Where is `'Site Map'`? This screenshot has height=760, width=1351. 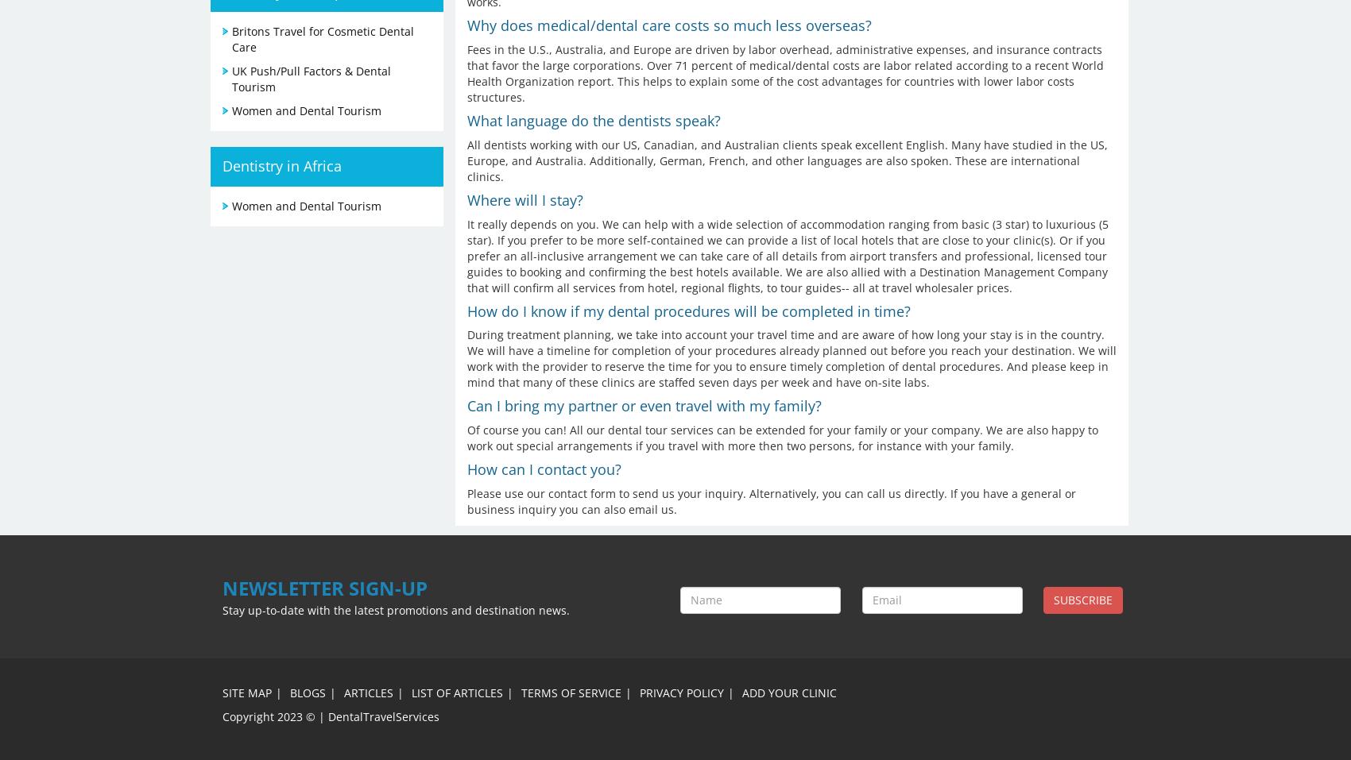
'Site Map' is located at coordinates (246, 692).